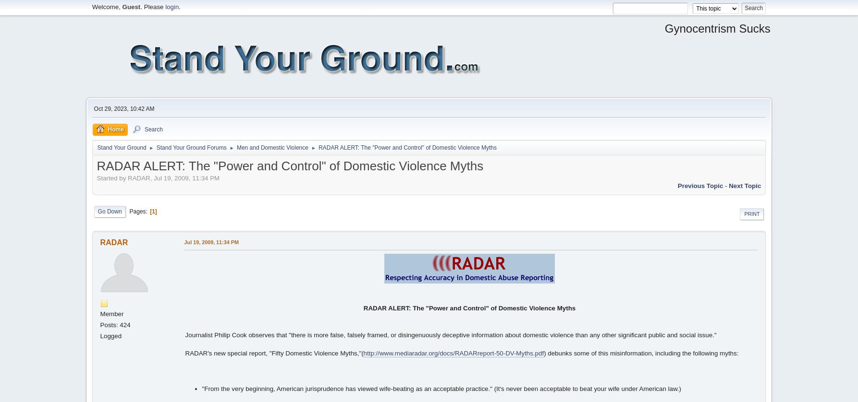 The width and height of the screenshot is (858, 402). I want to click on 'Men and Domestic Violence', so click(271, 147).